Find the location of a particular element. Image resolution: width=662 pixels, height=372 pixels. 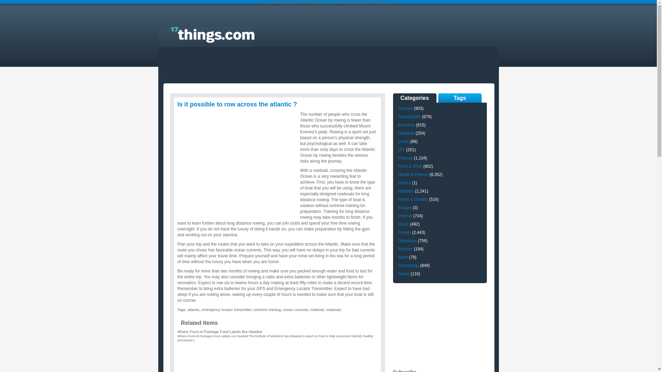

'ocean currents' is located at coordinates (295, 309).